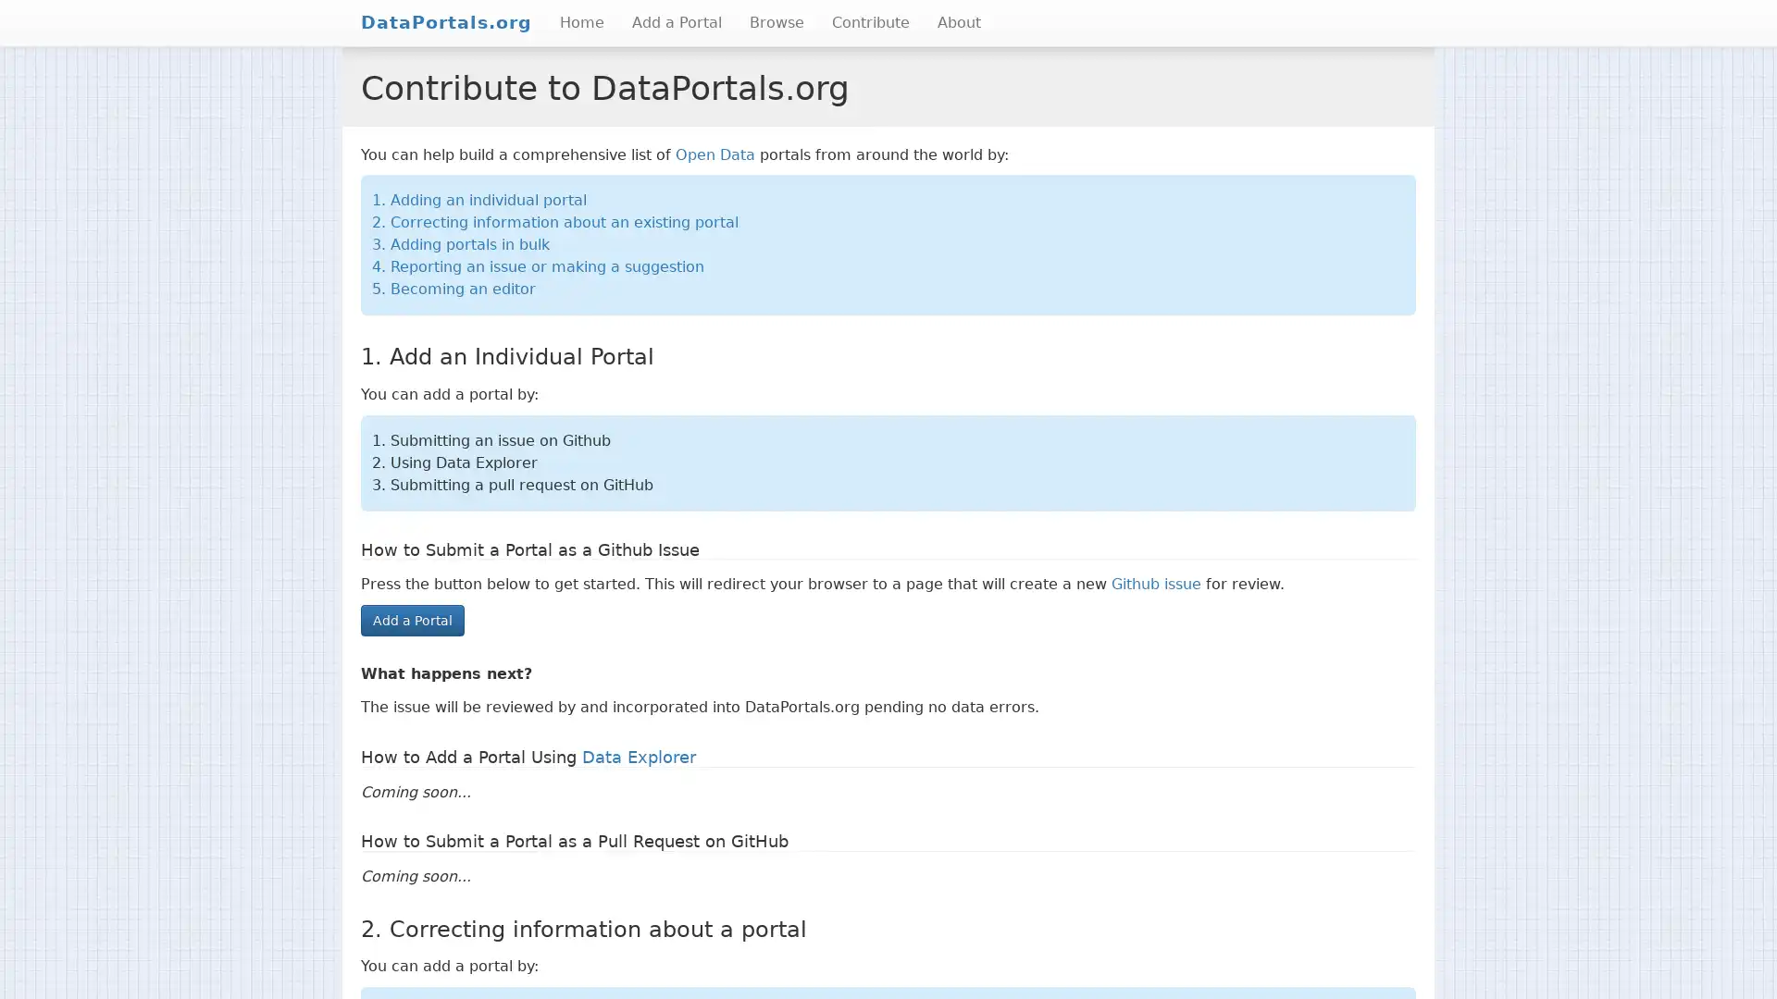 The height and width of the screenshot is (999, 1777). Describe the element at coordinates (412, 621) in the screenshot. I see `Add a Portal` at that location.